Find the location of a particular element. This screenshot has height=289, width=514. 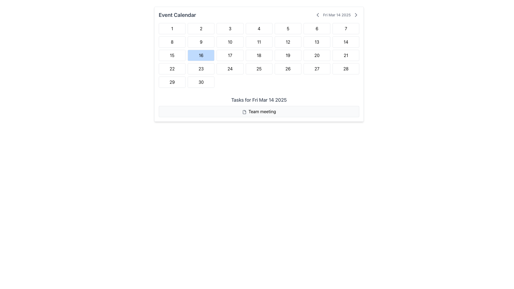

the fourth button to the right of the date display 'Fri Mar 14 2025' is located at coordinates (356, 15).